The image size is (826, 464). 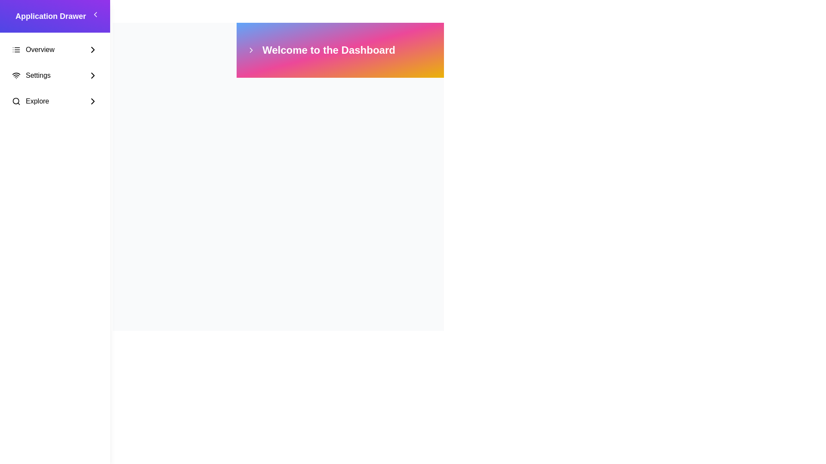 What do you see at coordinates (16, 73) in the screenshot?
I see `the second arc of the Wi-Fi icon located in the sidebar next to the 'Settings' label for selection` at bounding box center [16, 73].